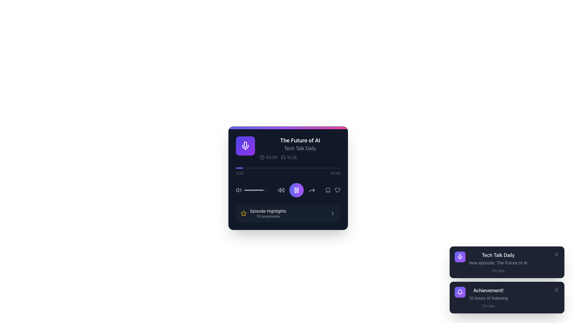 The image size is (574, 323). I want to click on the rewind button, which is the first button on the left within a group of three control buttons at the bottom of the media player interface, to change its color, so click(281, 190).